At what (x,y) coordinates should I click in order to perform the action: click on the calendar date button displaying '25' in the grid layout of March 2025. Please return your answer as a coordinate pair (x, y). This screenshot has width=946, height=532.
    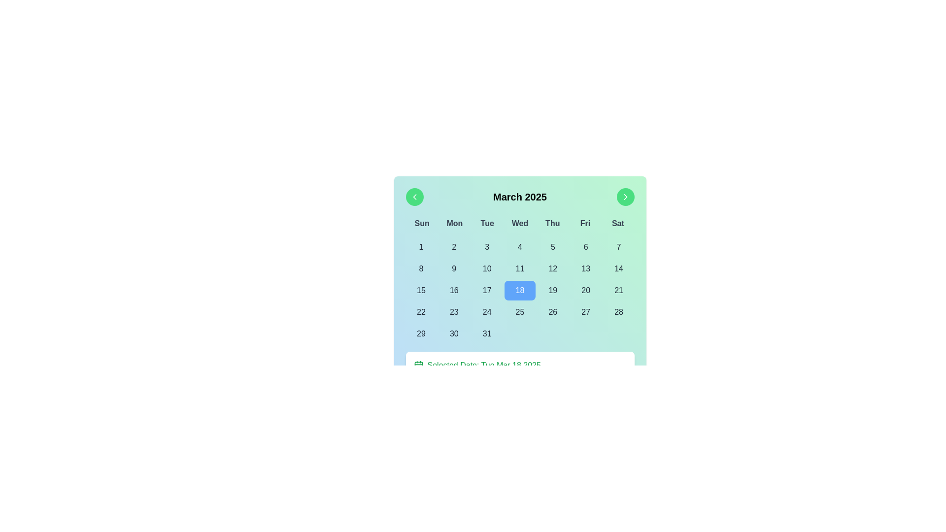
    Looking at the image, I should click on (519, 312).